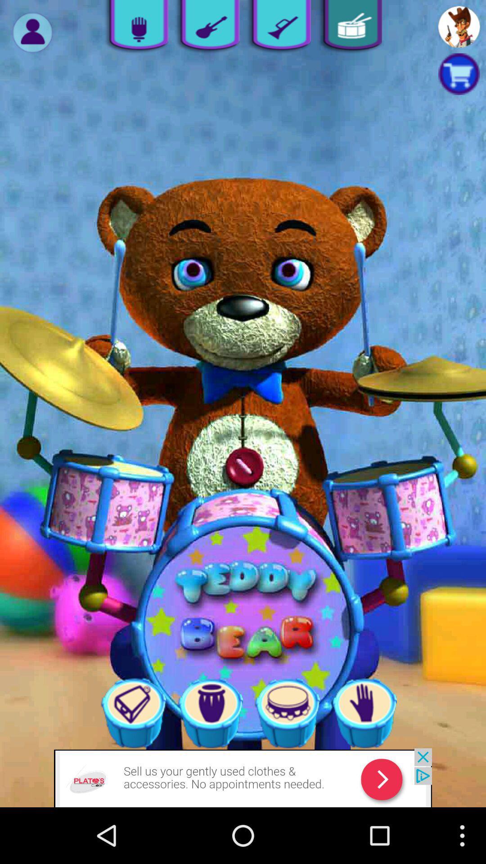 The height and width of the screenshot is (864, 486). What do you see at coordinates (32, 35) in the screenshot?
I see `the avatar icon` at bounding box center [32, 35].